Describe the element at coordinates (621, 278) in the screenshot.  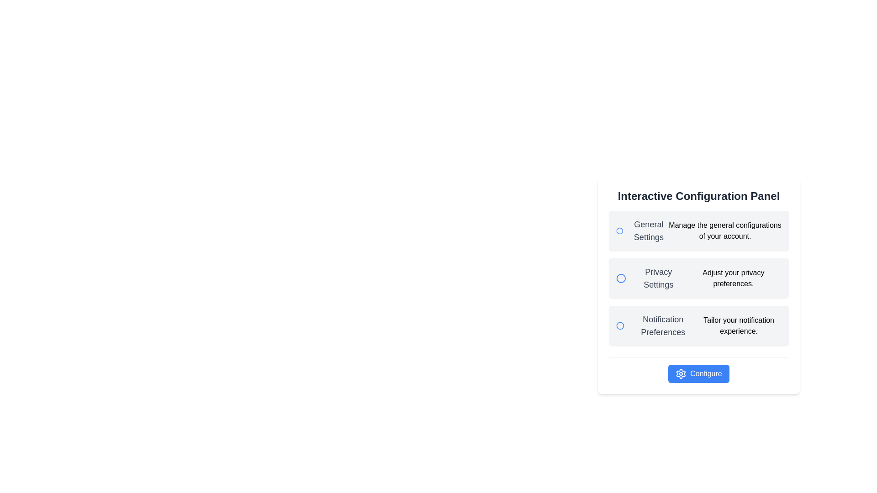
I see `the circular graphical component in the second row of the configuration panel next to the 'Privacy Settings' label` at that location.